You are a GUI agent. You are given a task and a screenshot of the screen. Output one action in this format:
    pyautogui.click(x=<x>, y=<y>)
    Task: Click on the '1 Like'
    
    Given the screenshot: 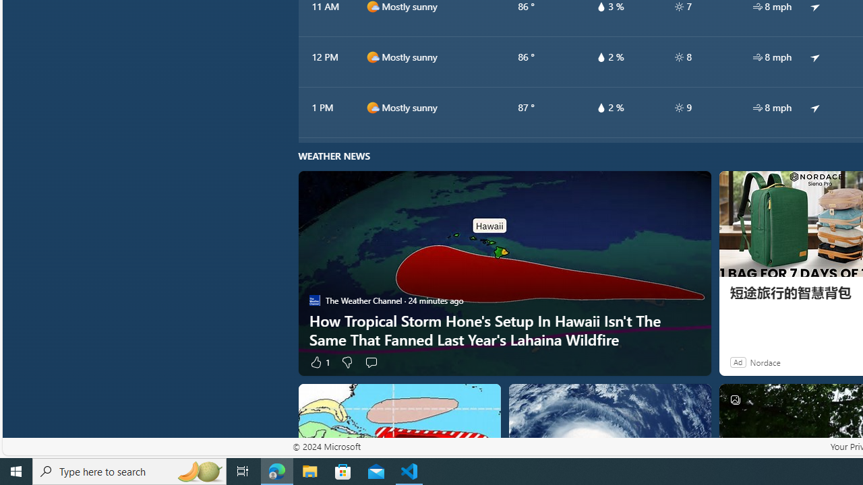 What is the action you would take?
    pyautogui.click(x=318, y=361)
    